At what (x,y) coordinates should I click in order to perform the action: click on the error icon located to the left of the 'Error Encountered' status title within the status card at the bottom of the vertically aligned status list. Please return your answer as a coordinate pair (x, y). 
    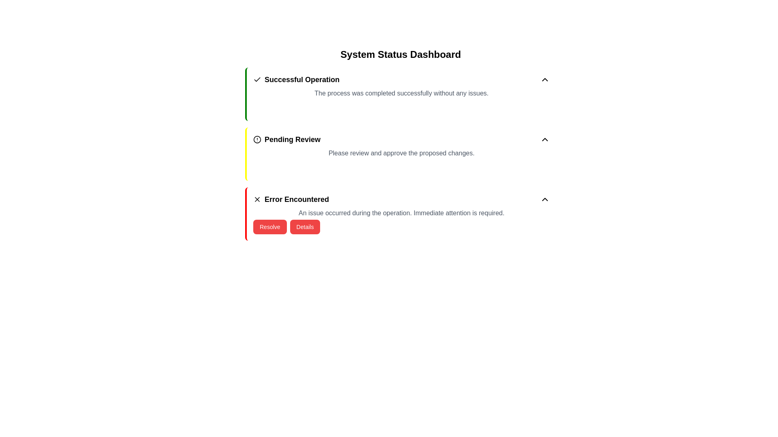
    Looking at the image, I should click on (256, 199).